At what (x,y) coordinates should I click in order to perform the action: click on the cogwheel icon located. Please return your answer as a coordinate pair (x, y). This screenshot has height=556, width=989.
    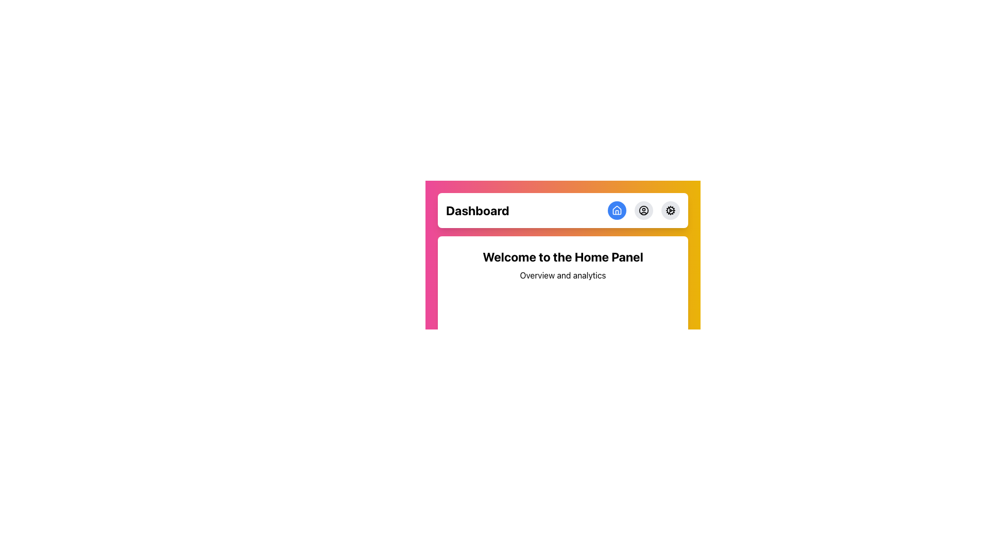
    Looking at the image, I should click on (670, 210).